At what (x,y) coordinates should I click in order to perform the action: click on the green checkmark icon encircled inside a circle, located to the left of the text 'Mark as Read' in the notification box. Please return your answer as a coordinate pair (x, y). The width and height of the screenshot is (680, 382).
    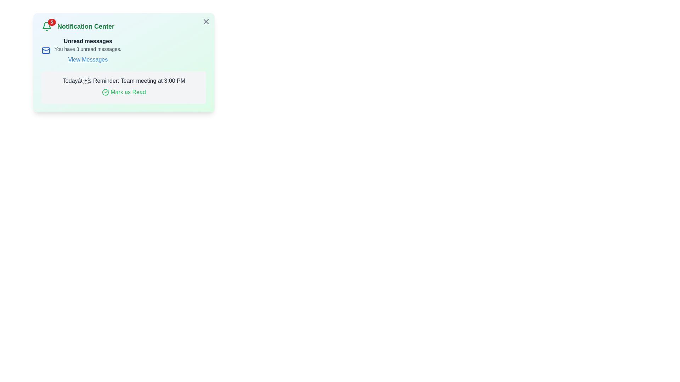
    Looking at the image, I should click on (105, 92).